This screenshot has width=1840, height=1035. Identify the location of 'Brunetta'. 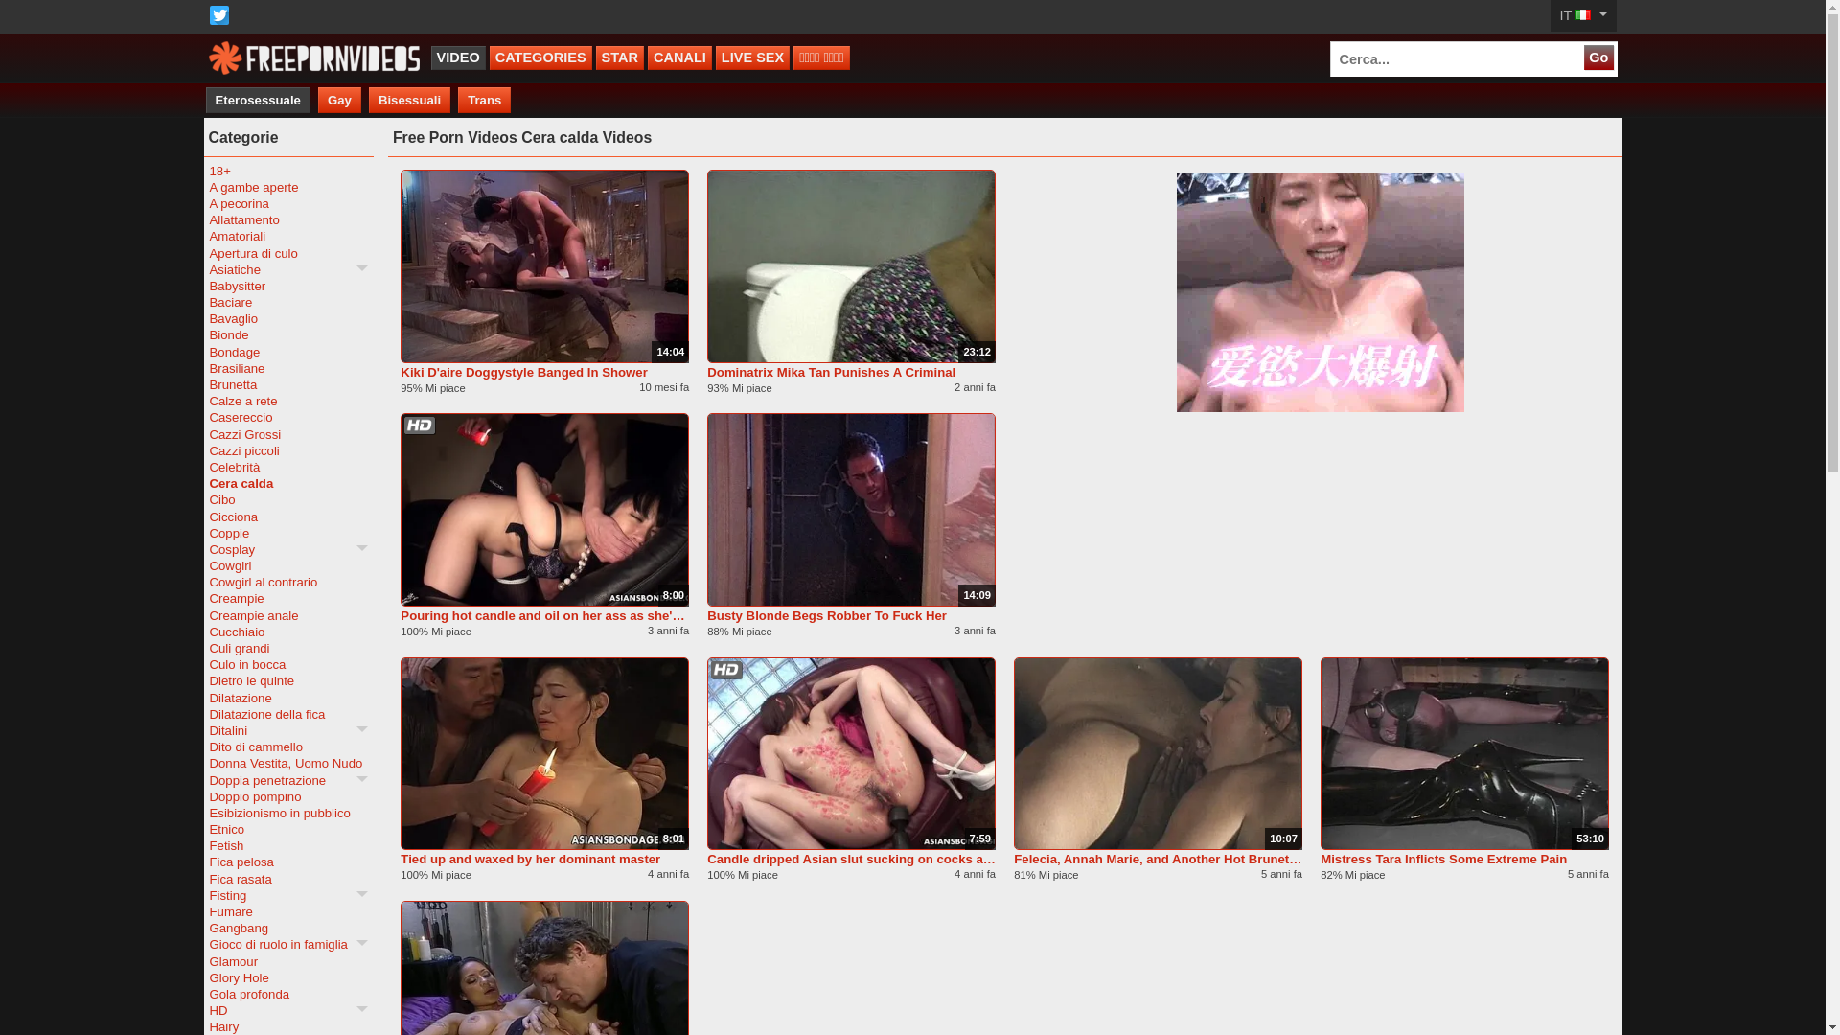
(287, 384).